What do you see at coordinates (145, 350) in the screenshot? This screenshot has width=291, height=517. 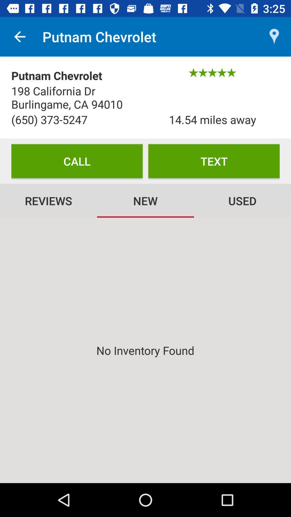 I see `the item below reviews item` at bounding box center [145, 350].